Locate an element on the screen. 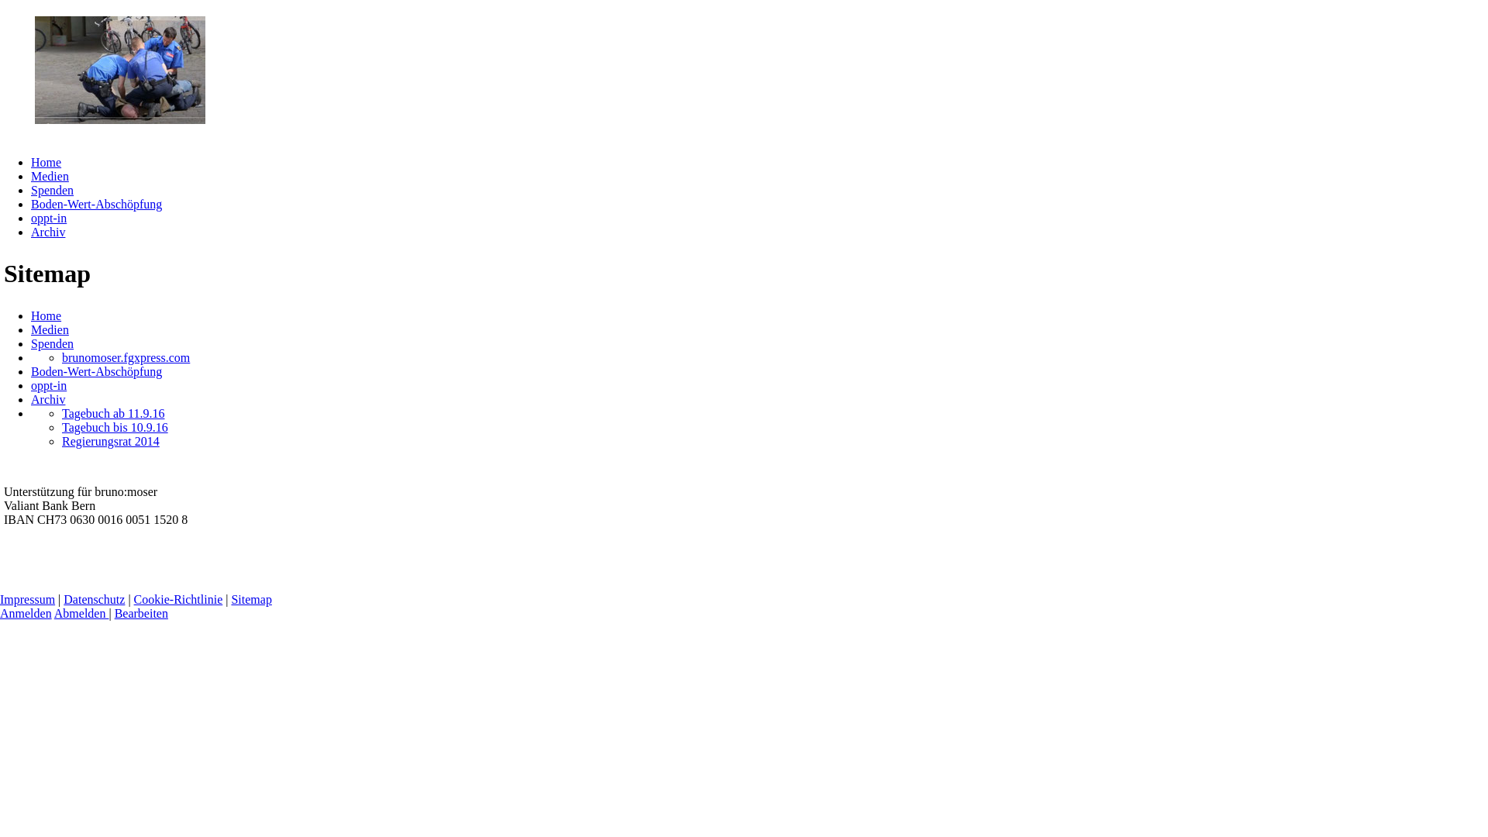 The width and height of the screenshot is (1488, 837). 'Spenden' is located at coordinates (52, 189).